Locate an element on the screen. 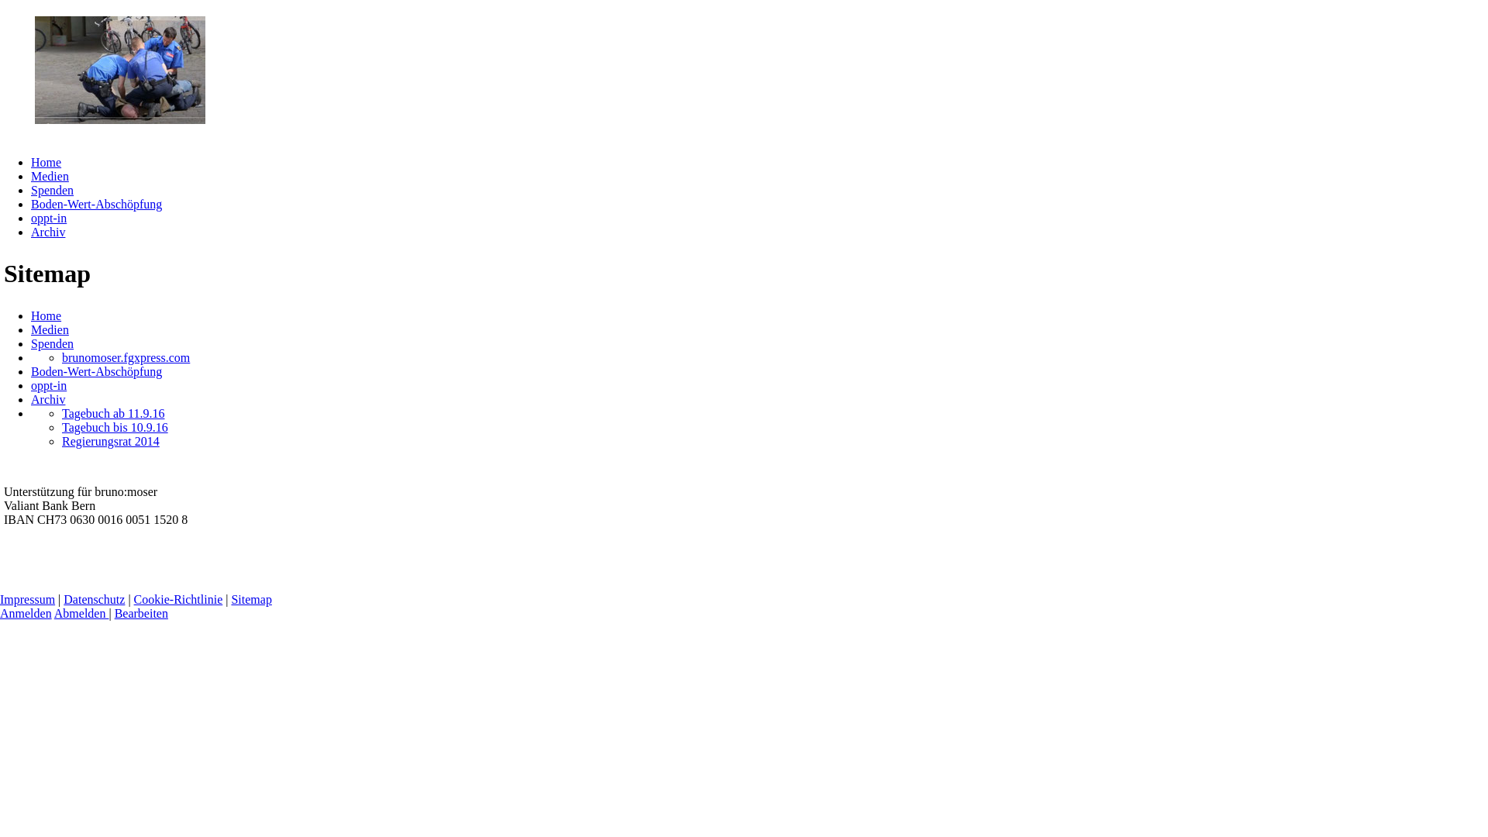 The width and height of the screenshot is (1488, 837). 'Spenden' is located at coordinates (52, 189).